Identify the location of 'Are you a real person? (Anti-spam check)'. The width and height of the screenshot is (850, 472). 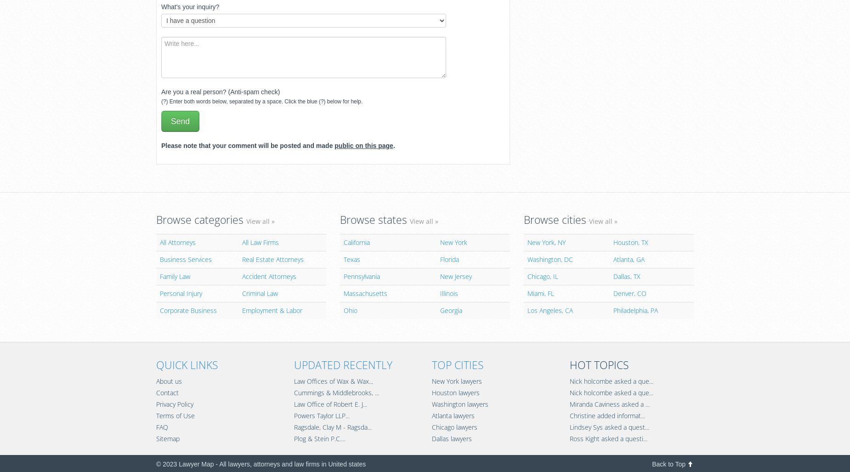
(221, 91).